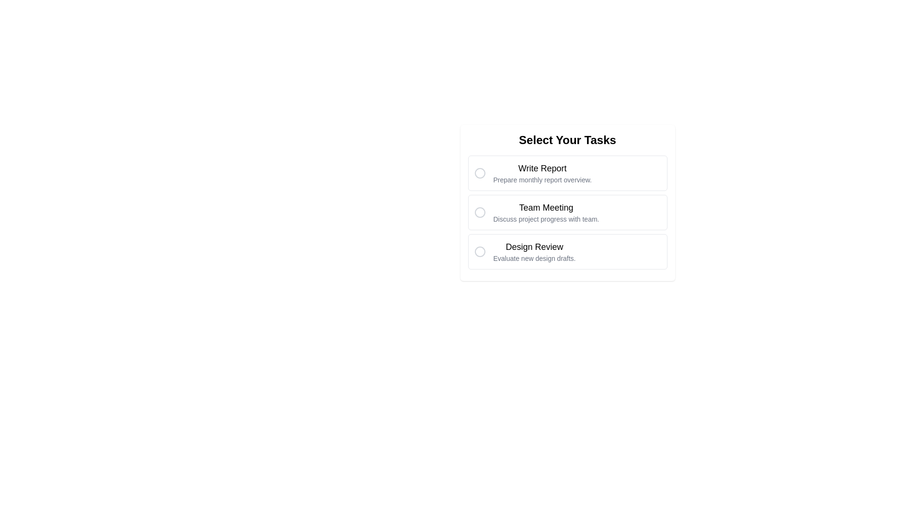 The height and width of the screenshot is (517, 920). Describe the element at coordinates (542, 180) in the screenshot. I see `the text label providing additional descriptive information about the 'Write Report' task, located underneath the 'Write Report' text within the task selection option box` at that location.